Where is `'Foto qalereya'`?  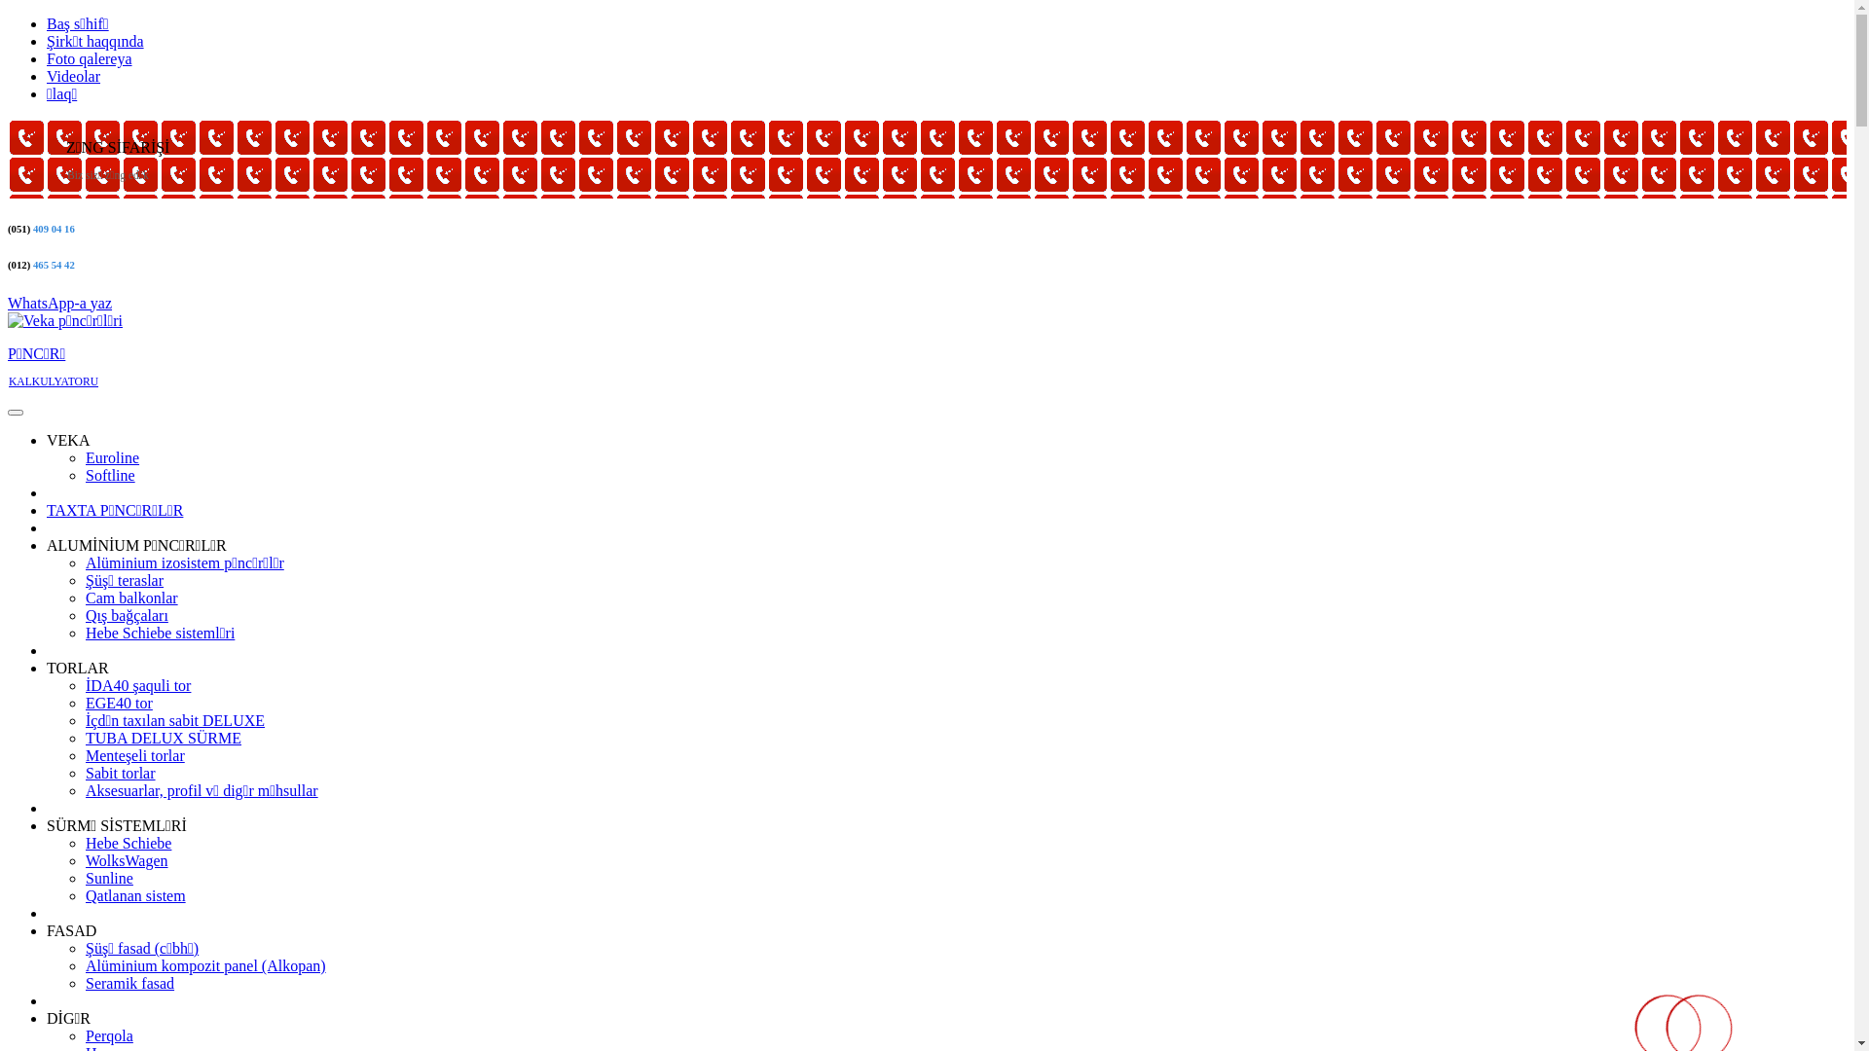
'Foto qalereya' is located at coordinates (88, 57).